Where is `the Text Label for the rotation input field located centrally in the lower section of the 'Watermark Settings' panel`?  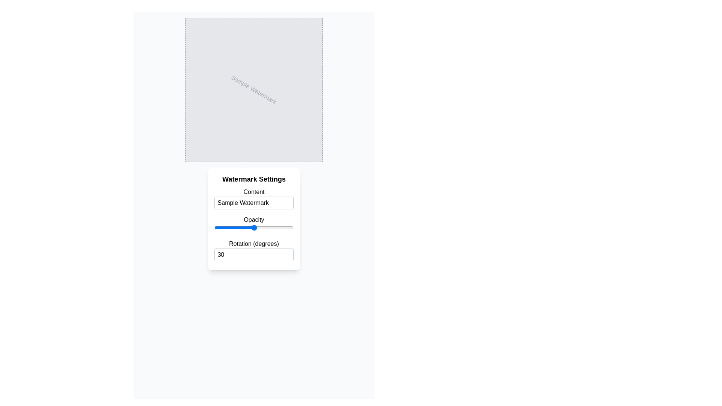 the Text Label for the rotation input field located centrally in the lower section of the 'Watermark Settings' panel is located at coordinates (254, 244).